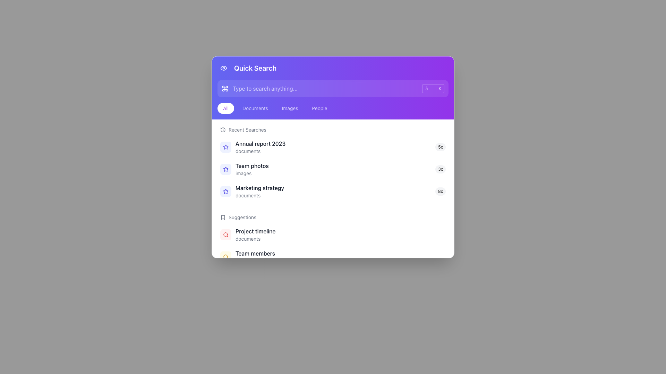 This screenshot has height=374, width=666. What do you see at coordinates (247, 130) in the screenshot?
I see `the 'Recent Searches' label, which is styled in gray and indicates a list of recent activities, located in the top-left section of the content panel` at bounding box center [247, 130].